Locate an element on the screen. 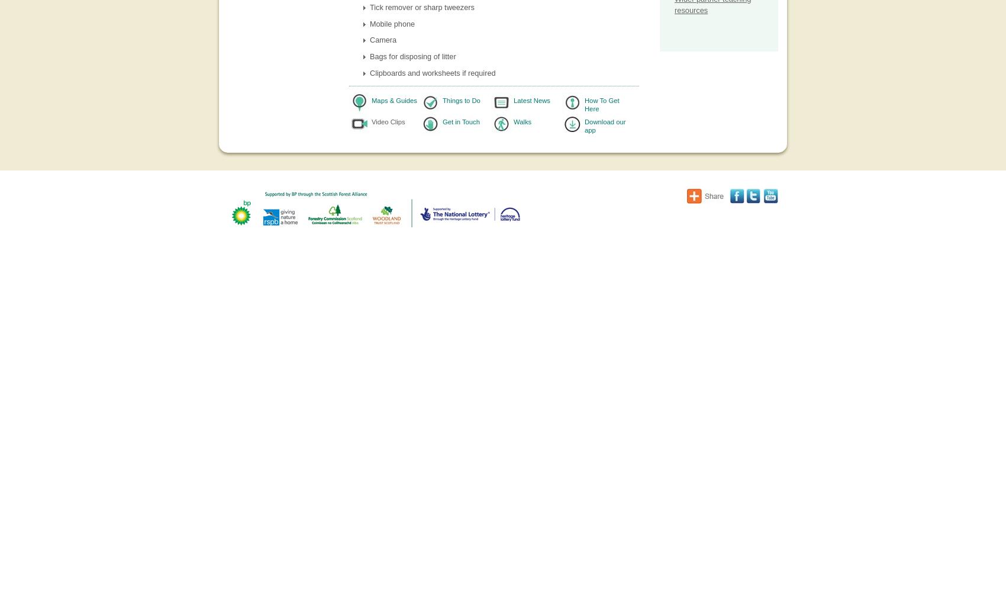 The height and width of the screenshot is (592, 1006). 'Things to Do' is located at coordinates (460, 100).